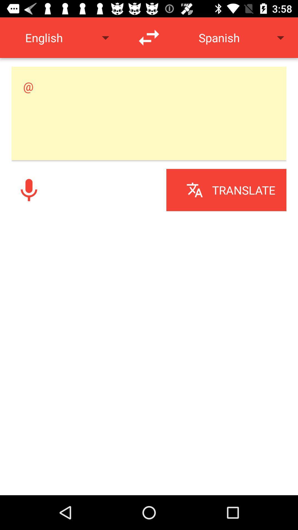  What do you see at coordinates (29, 190) in the screenshot?
I see `mute` at bounding box center [29, 190].